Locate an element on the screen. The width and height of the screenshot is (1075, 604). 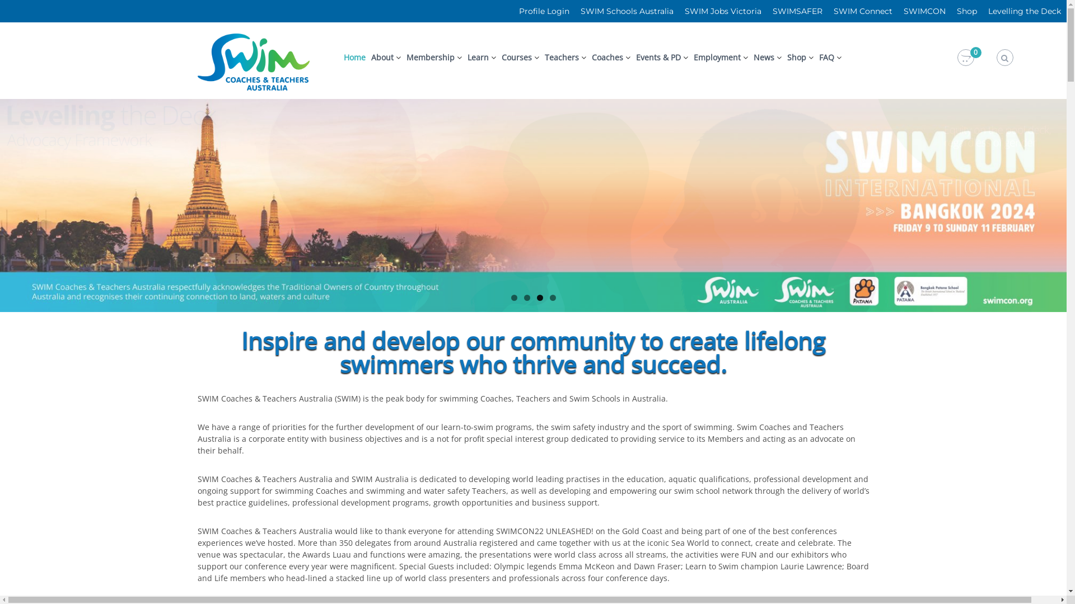
'Shop' is located at coordinates (966, 11).